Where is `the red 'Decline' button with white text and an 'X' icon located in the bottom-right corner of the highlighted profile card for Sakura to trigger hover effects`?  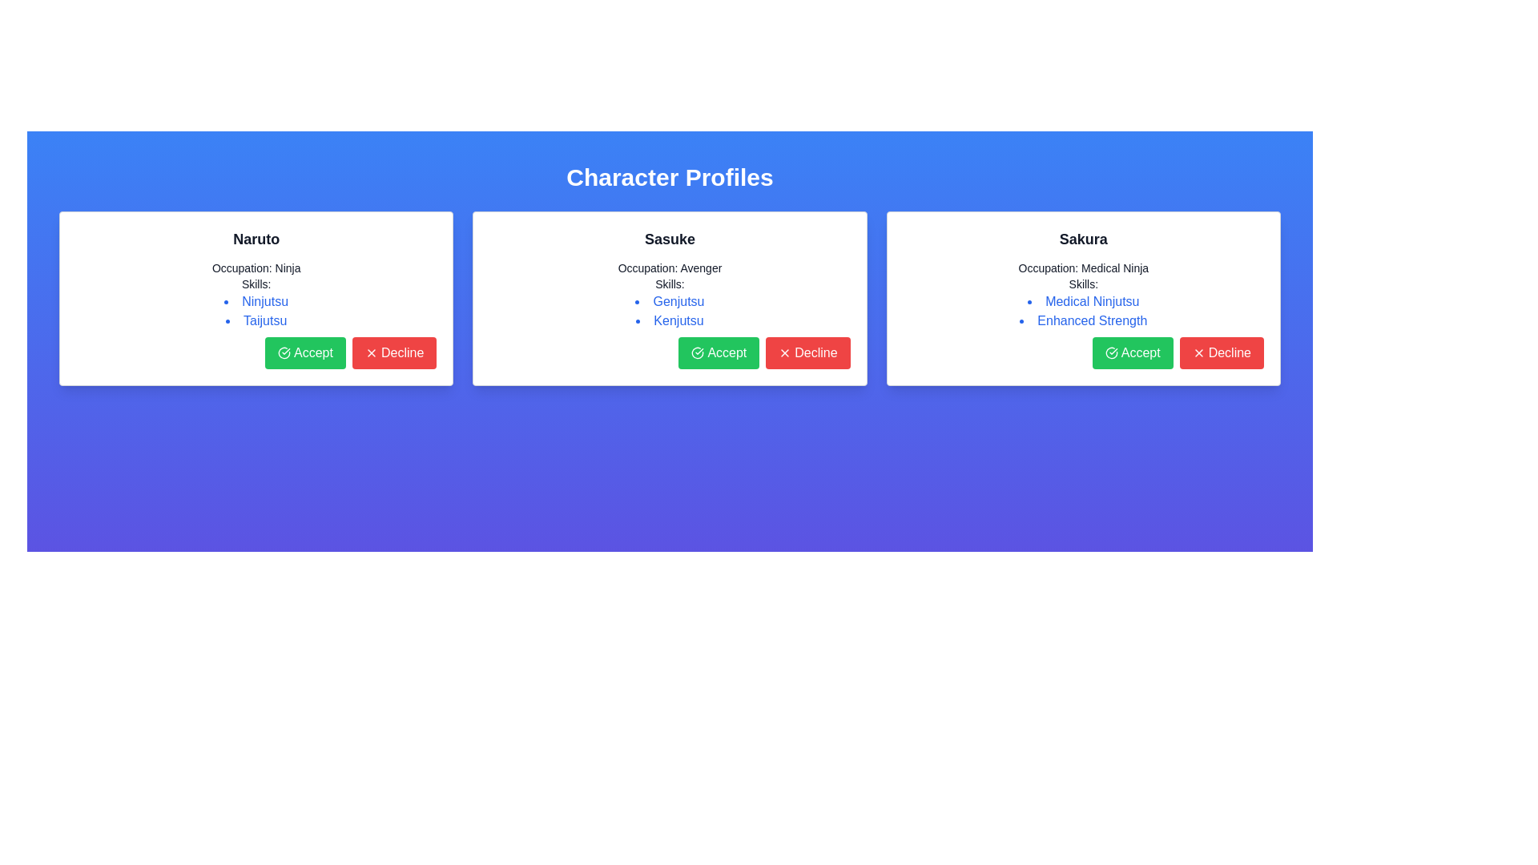
the red 'Decline' button with white text and an 'X' icon located in the bottom-right corner of the highlighted profile card for Sakura to trigger hover effects is located at coordinates (1221, 352).